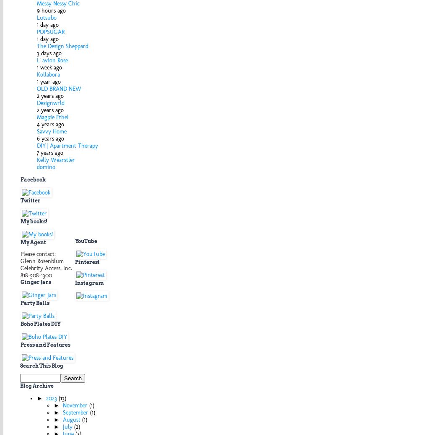  I want to click on 'DIY | Apartment Therapy', so click(36, 145).